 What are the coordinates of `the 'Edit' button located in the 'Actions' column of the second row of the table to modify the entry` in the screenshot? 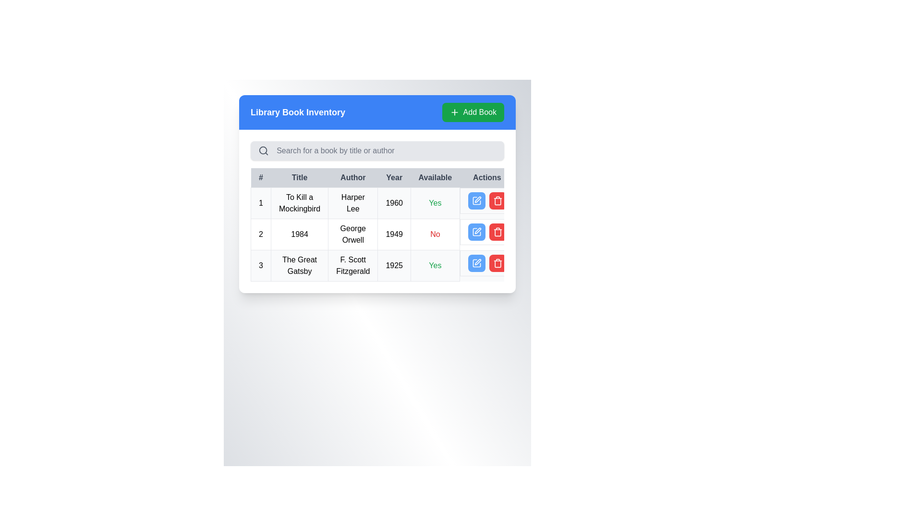 It's located at (476, 232).